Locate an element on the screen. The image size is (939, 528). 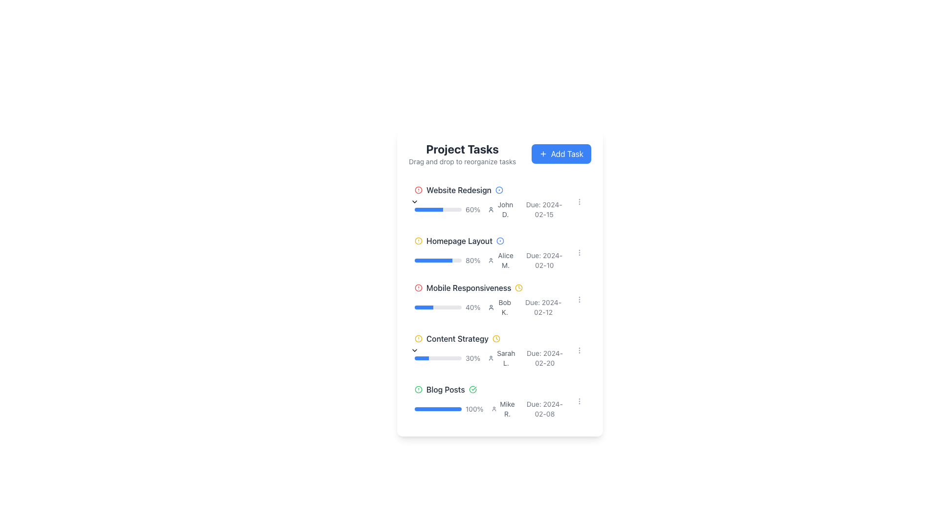
the static text label displaying '30%' which is part of the progress indicator for 'Content Strategy' is located at coordinates (473, 358).